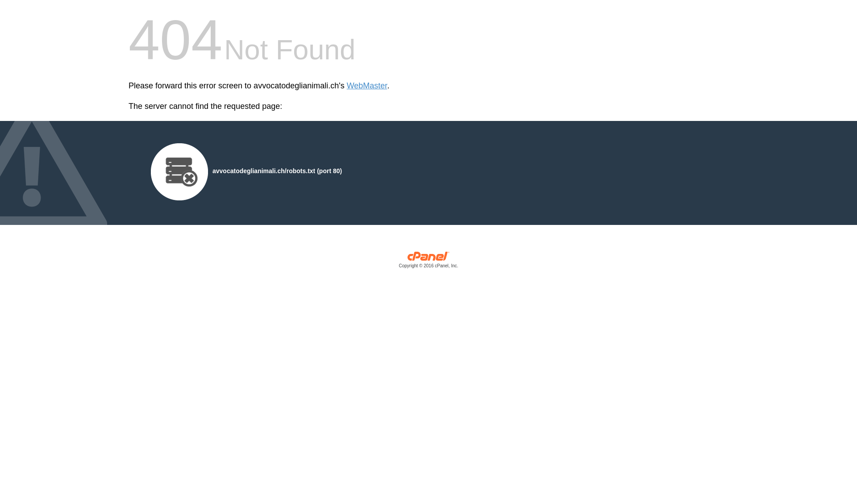 This screenshot has width=857, height=482. I want to click on 'WebMaster', so click(367, 86).